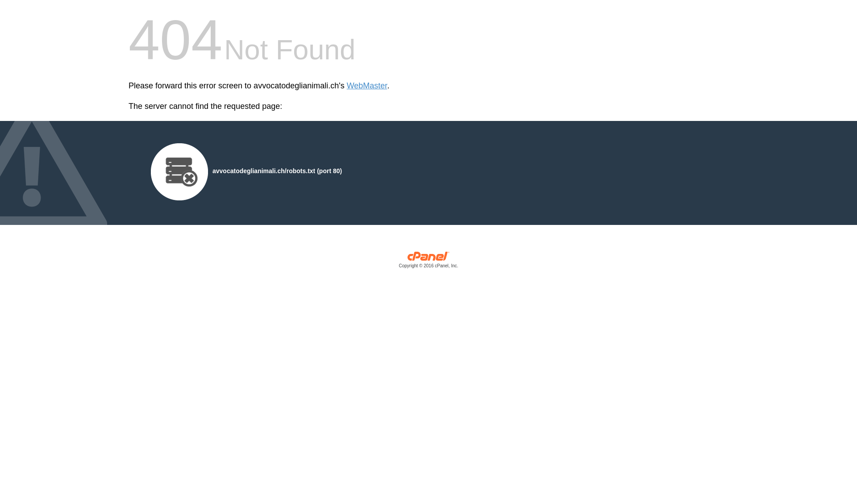 This screenshot has width=857, height=482. I want to click on 'WebMaster', so click(367, 86).